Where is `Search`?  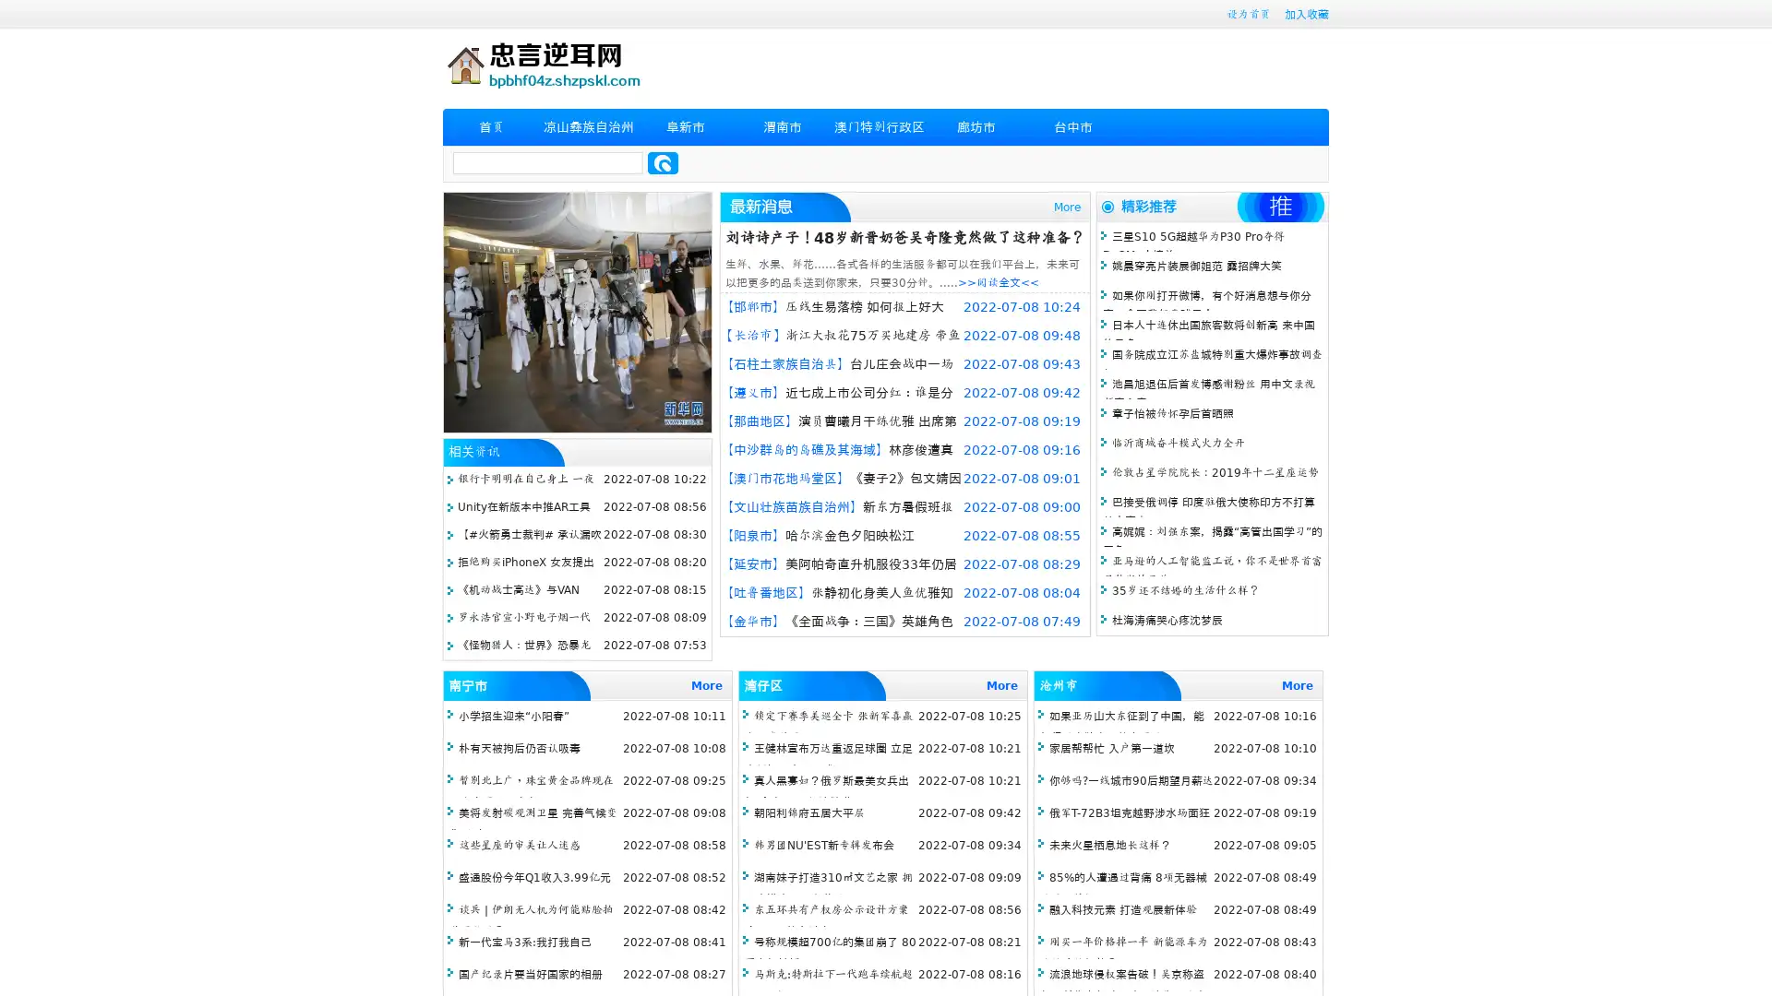
Search is located at coordinates (663, 162).